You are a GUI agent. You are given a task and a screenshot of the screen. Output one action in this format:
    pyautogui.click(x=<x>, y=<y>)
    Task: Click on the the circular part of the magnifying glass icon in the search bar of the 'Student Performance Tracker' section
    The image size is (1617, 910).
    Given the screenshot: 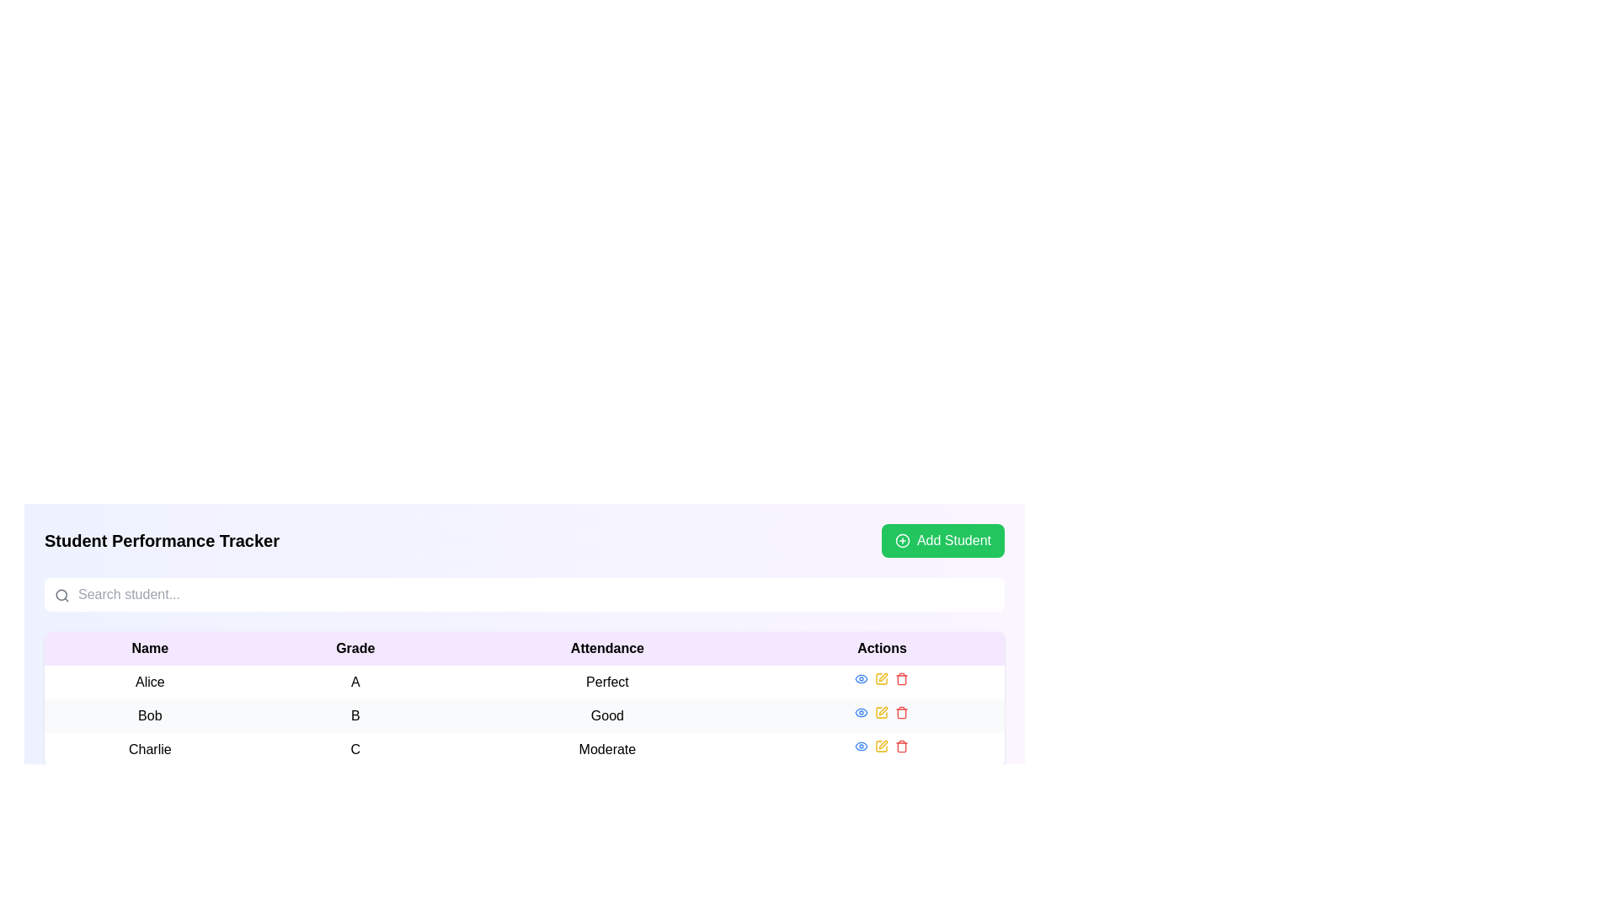 What is the action you would take?
    pyautogui.click(x=61, y=594)
    